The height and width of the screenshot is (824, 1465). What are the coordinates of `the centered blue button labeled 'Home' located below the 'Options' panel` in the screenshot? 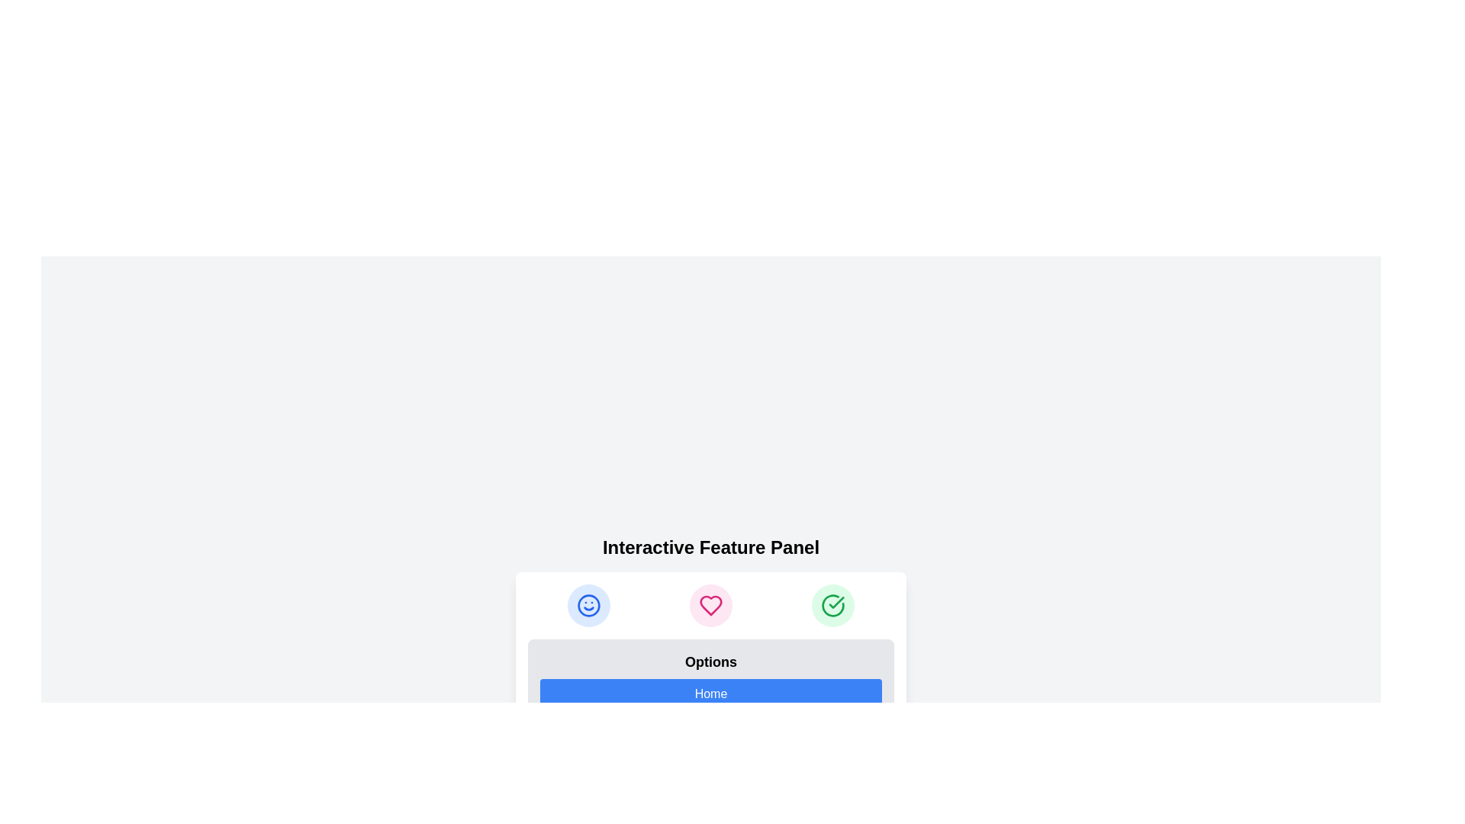 It's located at (710, 685).